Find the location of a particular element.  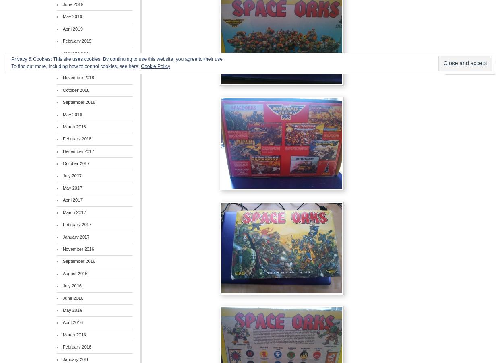

'September 2016' is located at coordinates (79, 260).